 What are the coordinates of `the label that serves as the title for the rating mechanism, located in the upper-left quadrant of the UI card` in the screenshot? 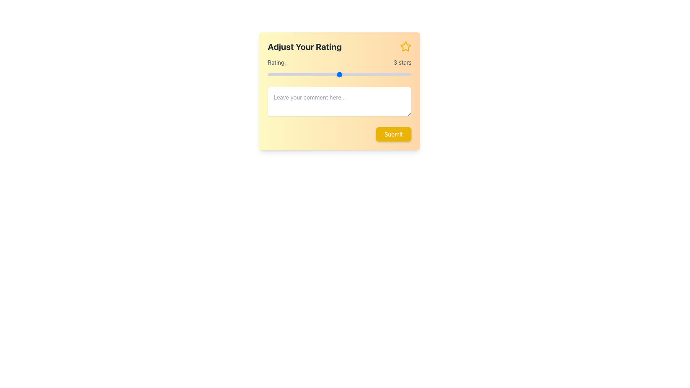 It's located at (276, 62).